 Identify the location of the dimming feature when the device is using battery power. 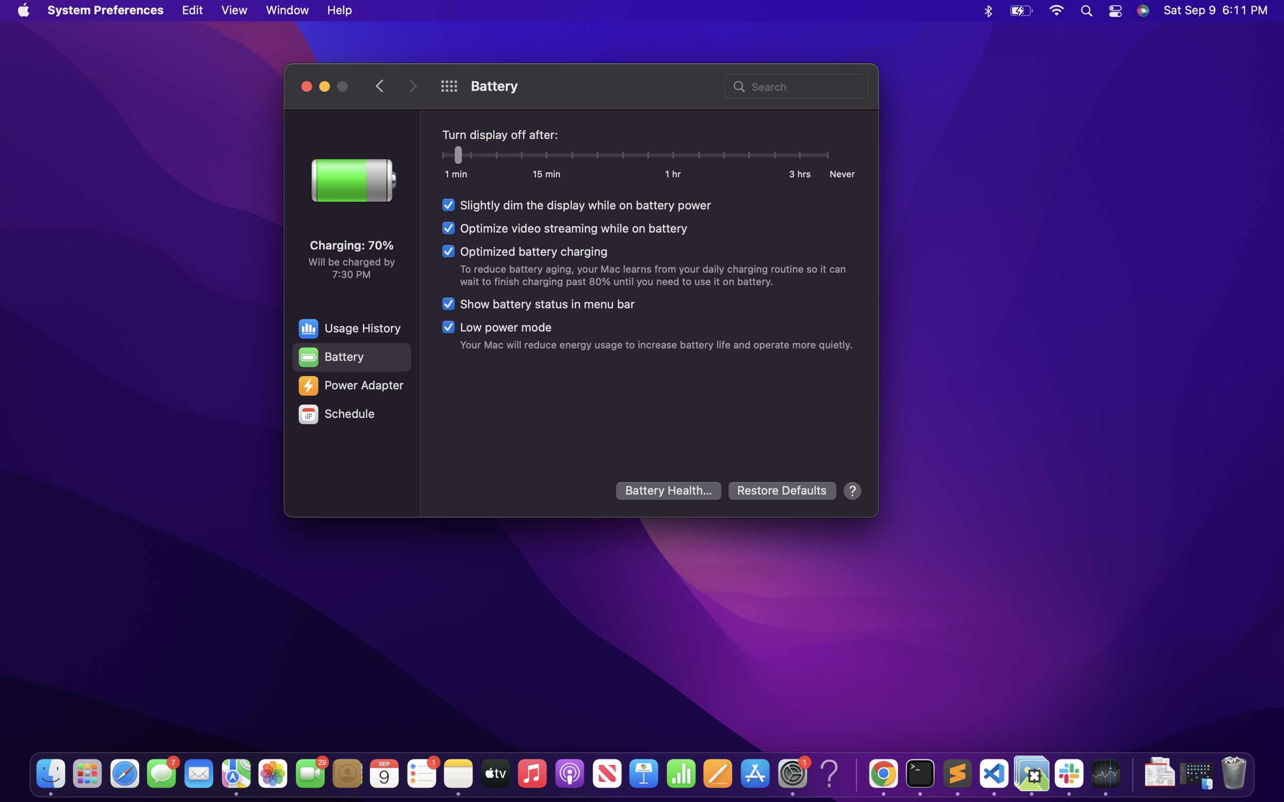
(576, 205).